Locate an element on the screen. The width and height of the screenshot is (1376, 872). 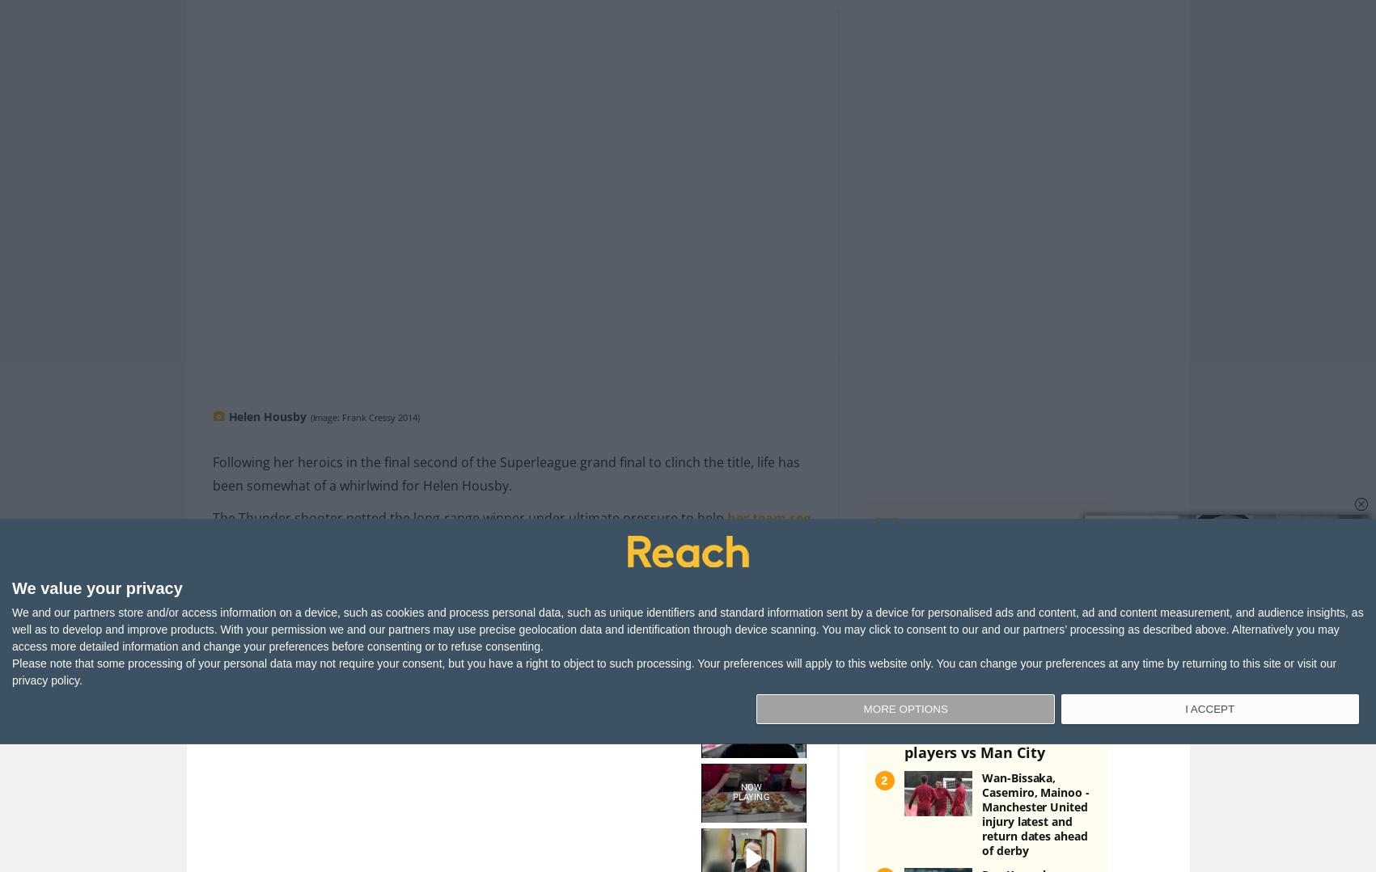
'Or by navigating to the user icon in the top right.' is located at coordinates (565, 684).